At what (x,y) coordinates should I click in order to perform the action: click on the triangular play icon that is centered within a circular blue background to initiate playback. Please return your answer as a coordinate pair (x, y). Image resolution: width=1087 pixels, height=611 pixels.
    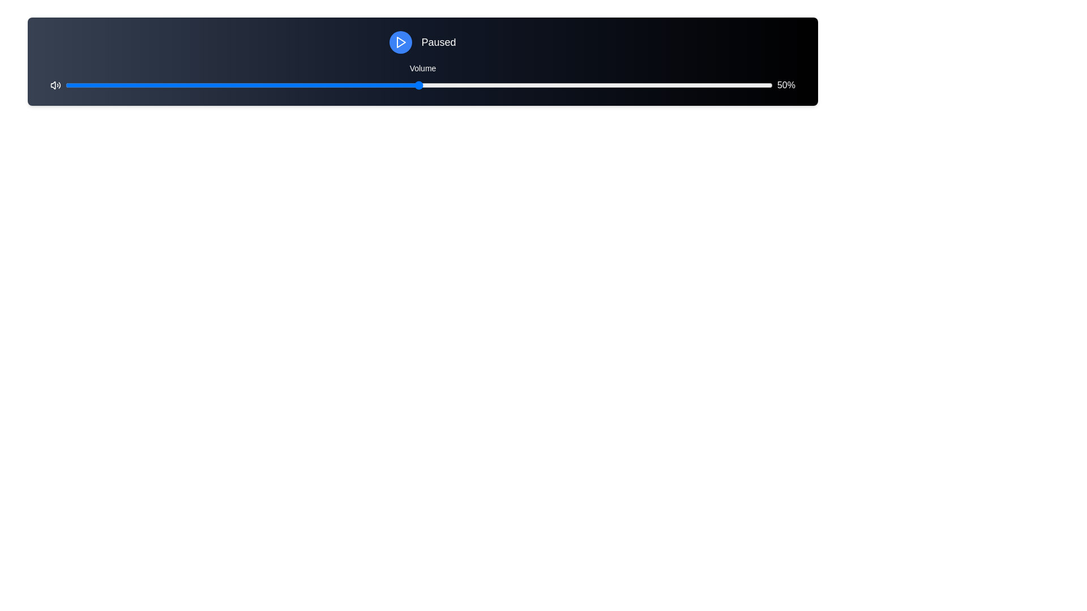
    Looking at the image, I should click on (401, 41).